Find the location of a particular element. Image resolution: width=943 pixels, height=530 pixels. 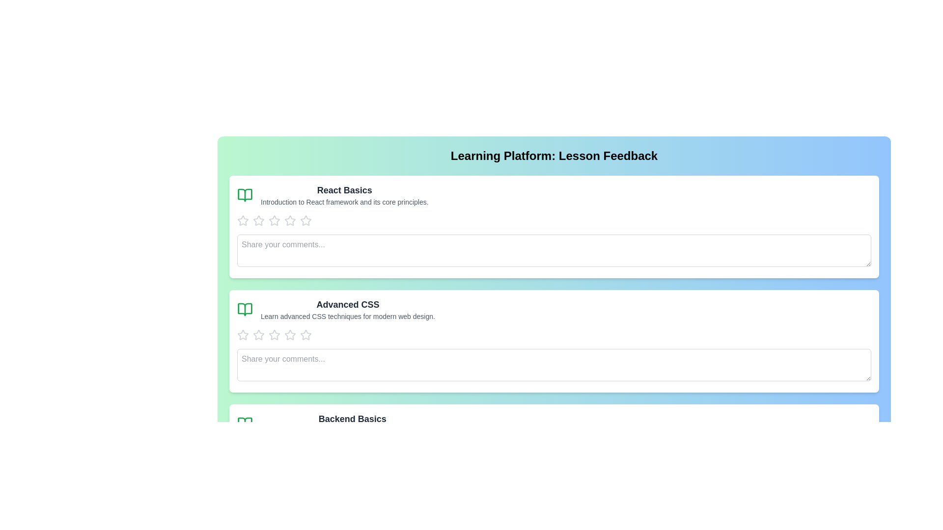

the inactive star icon, which is an outlined gray star in the 'Advanced CSS' section is located at coordinates (289, 334).